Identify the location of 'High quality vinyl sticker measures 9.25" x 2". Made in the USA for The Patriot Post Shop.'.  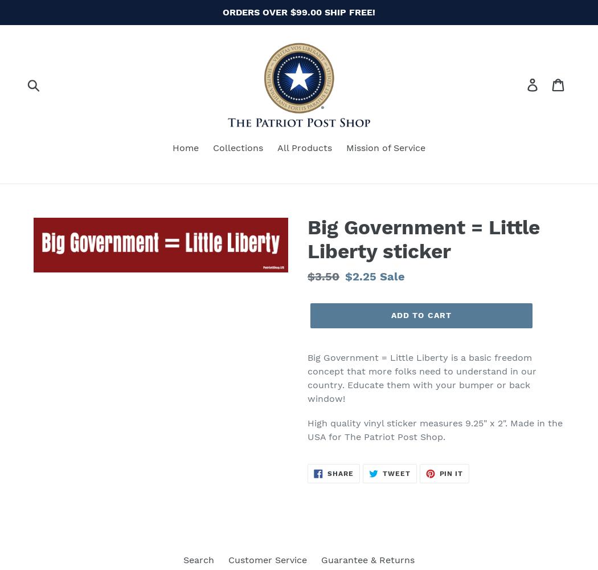
(435, 430).